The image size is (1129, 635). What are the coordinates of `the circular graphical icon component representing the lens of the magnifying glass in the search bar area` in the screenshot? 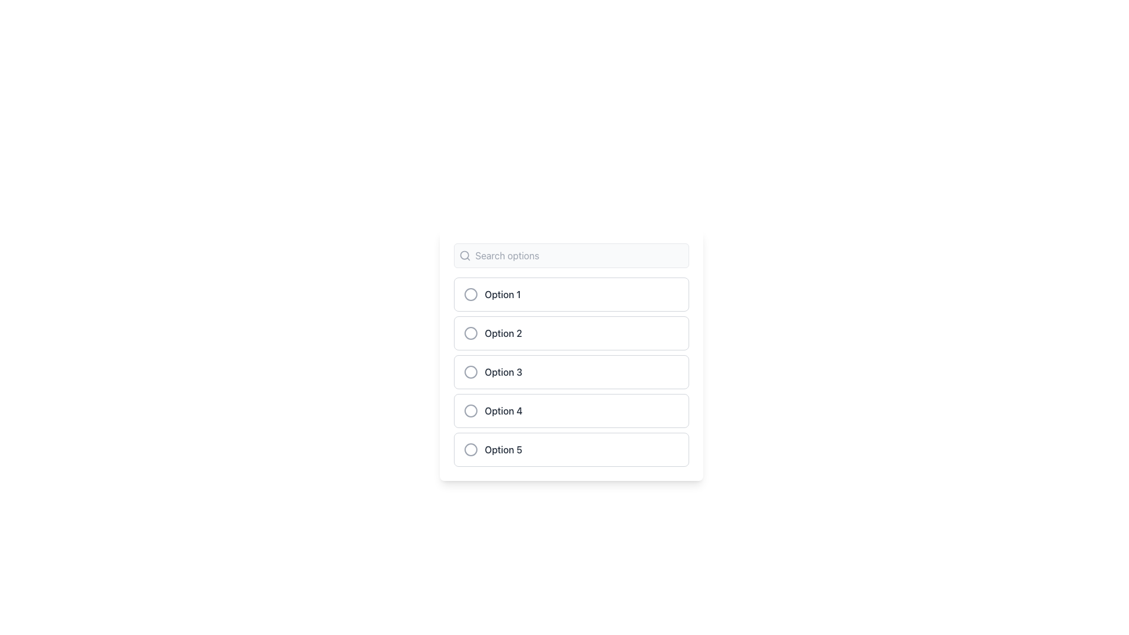 It's located at (463, 255).